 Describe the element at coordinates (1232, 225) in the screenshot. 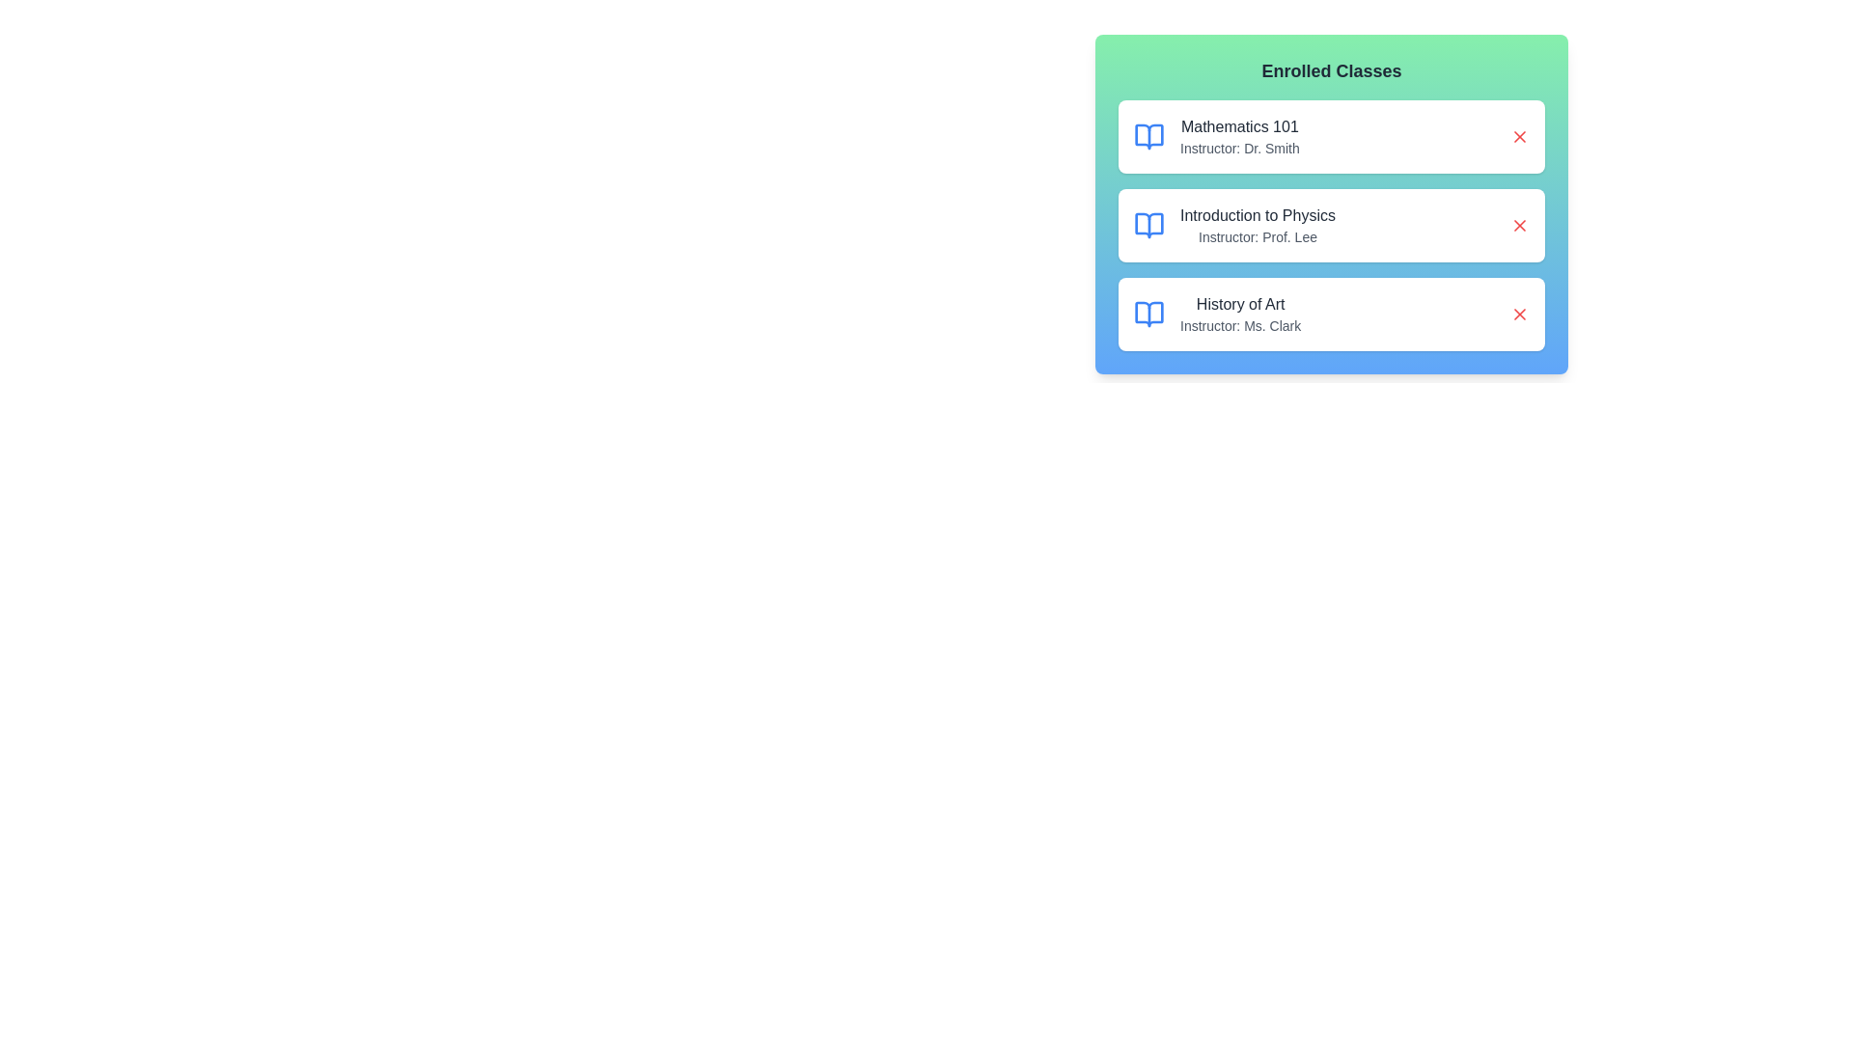

I see `the instructor information for the class Introduction to Physics` at that location.